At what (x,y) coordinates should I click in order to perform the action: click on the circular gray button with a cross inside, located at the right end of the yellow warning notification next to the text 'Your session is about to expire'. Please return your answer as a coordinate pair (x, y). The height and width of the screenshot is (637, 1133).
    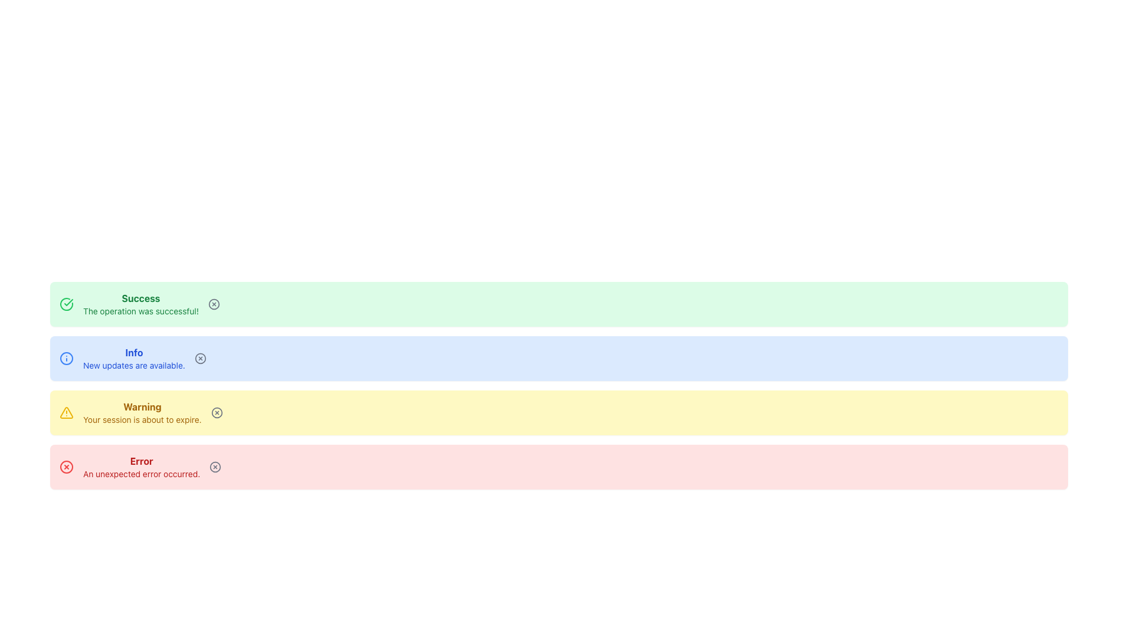
    Looking at the image, I should click on (217, 412).